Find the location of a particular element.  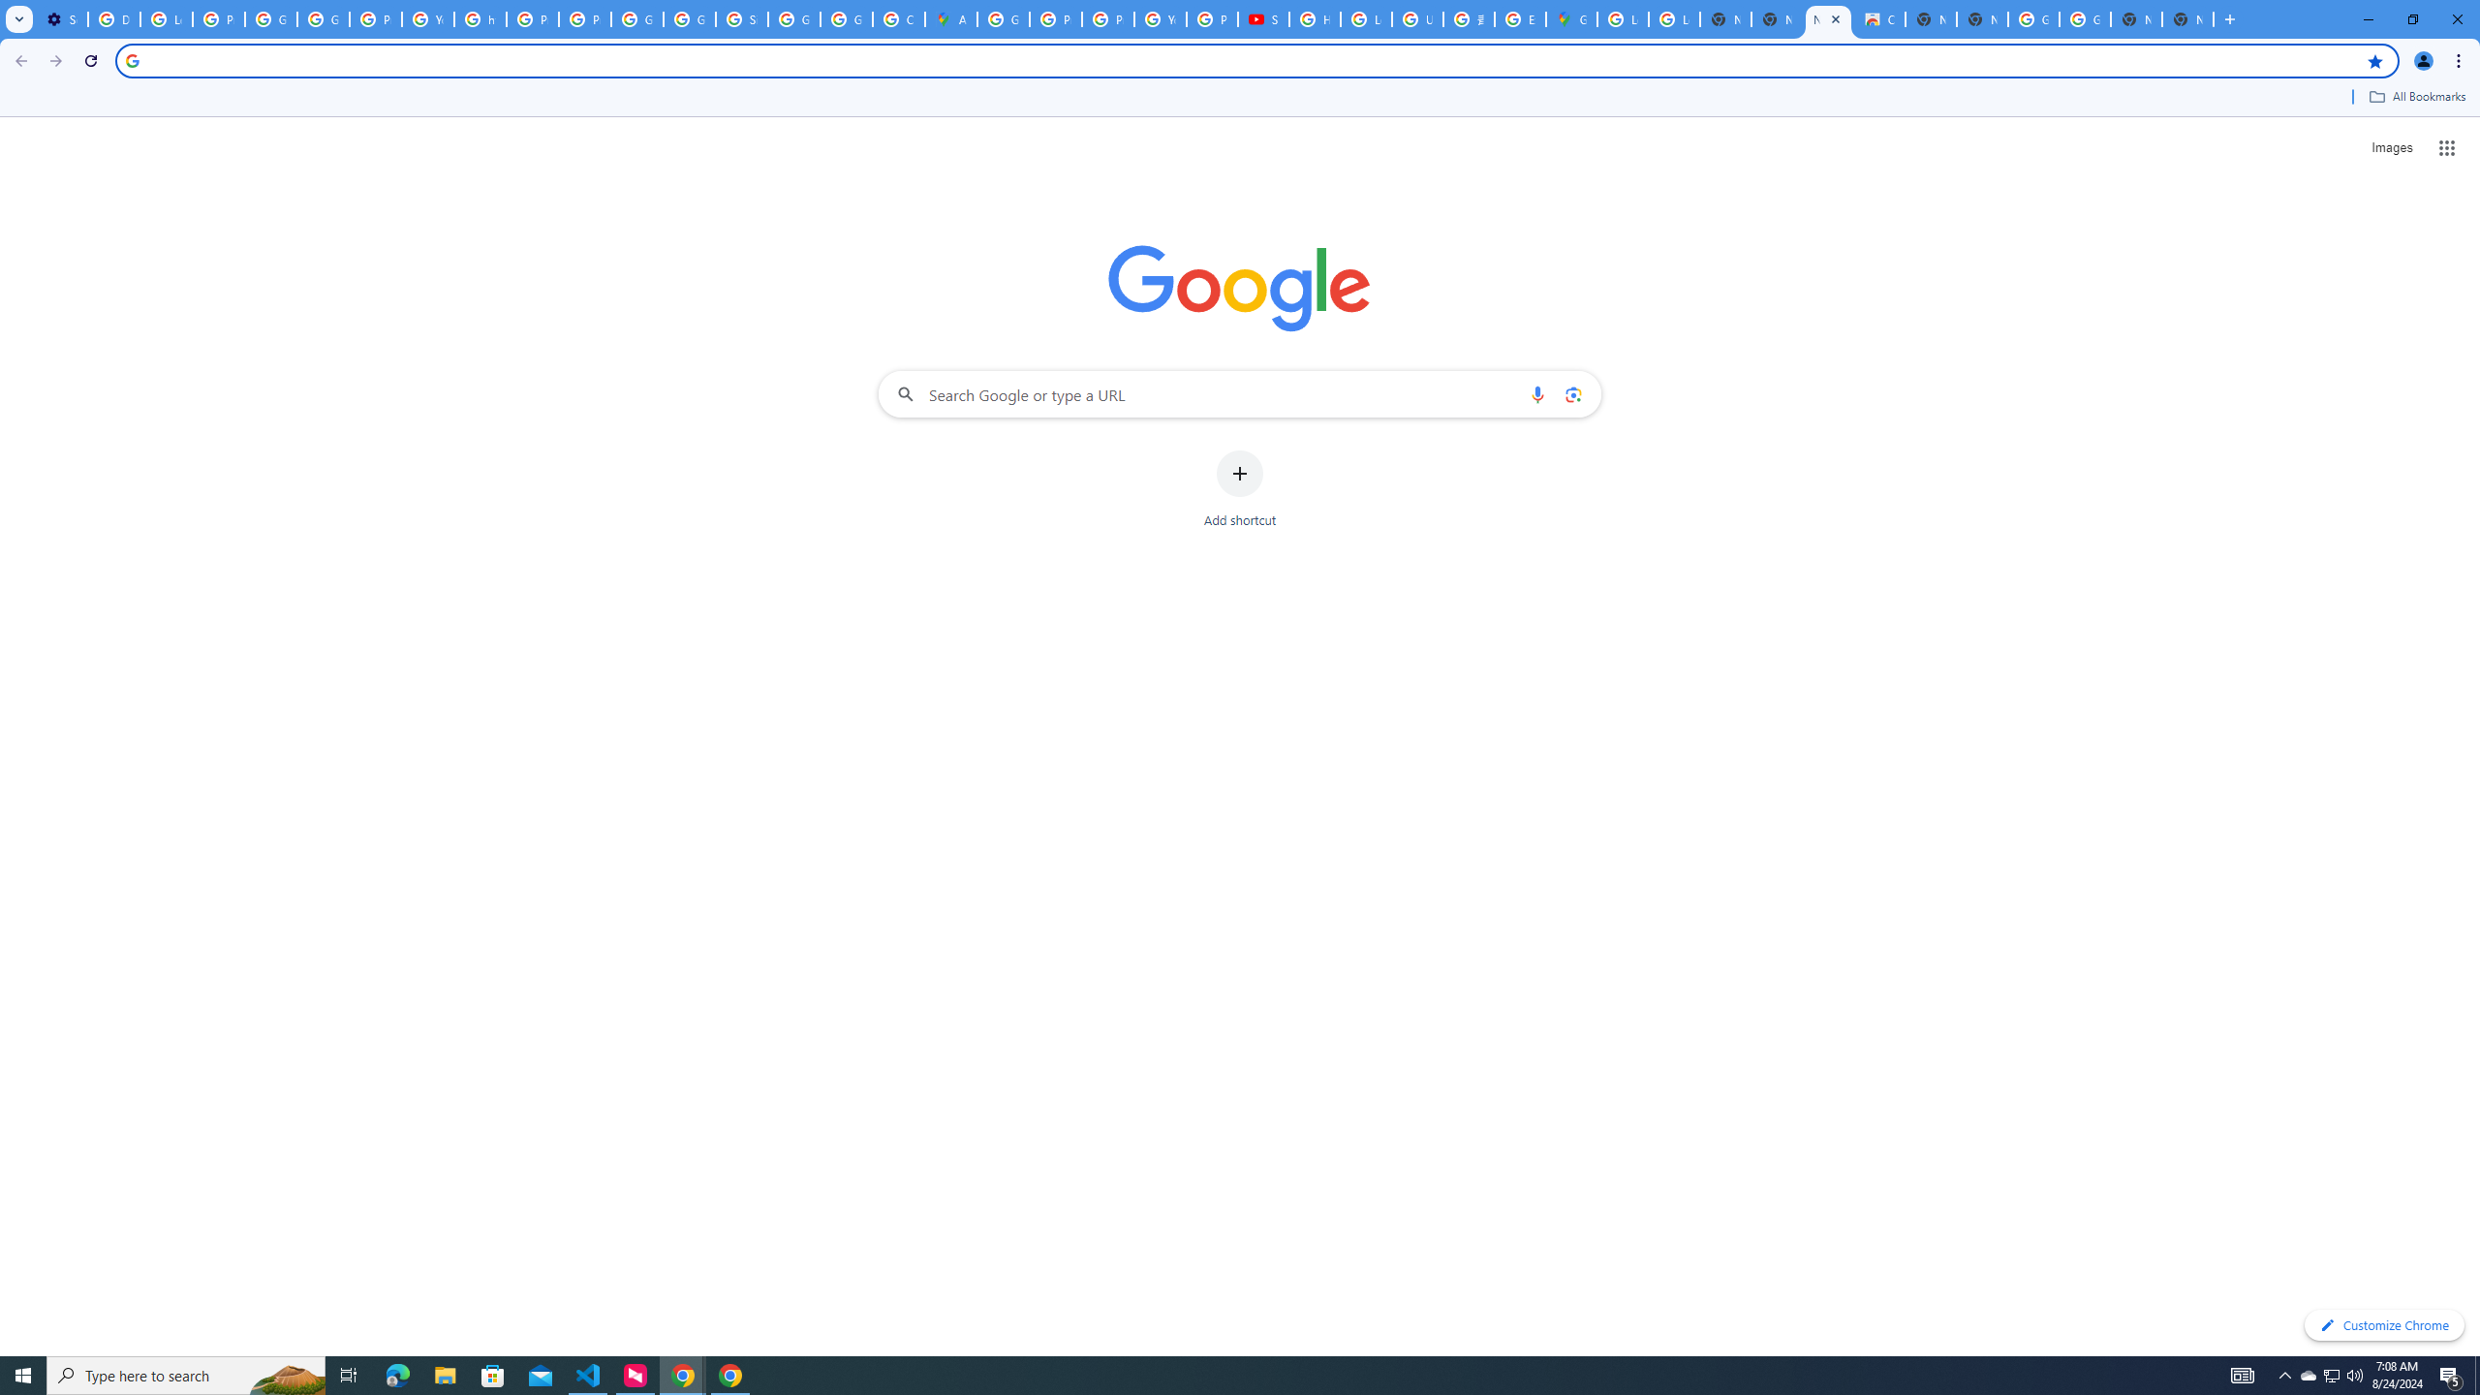

'Explore new street-level details - Google Maps Help' is located at coordinates (1520, 18).